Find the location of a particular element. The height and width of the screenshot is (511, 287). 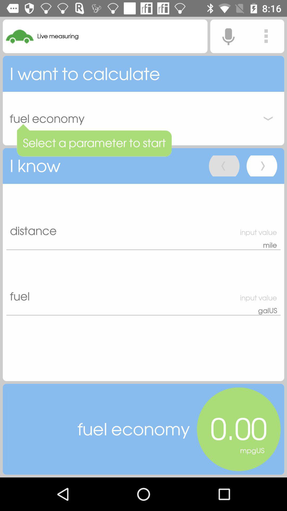

share the article is located at coordinates (266, 36).